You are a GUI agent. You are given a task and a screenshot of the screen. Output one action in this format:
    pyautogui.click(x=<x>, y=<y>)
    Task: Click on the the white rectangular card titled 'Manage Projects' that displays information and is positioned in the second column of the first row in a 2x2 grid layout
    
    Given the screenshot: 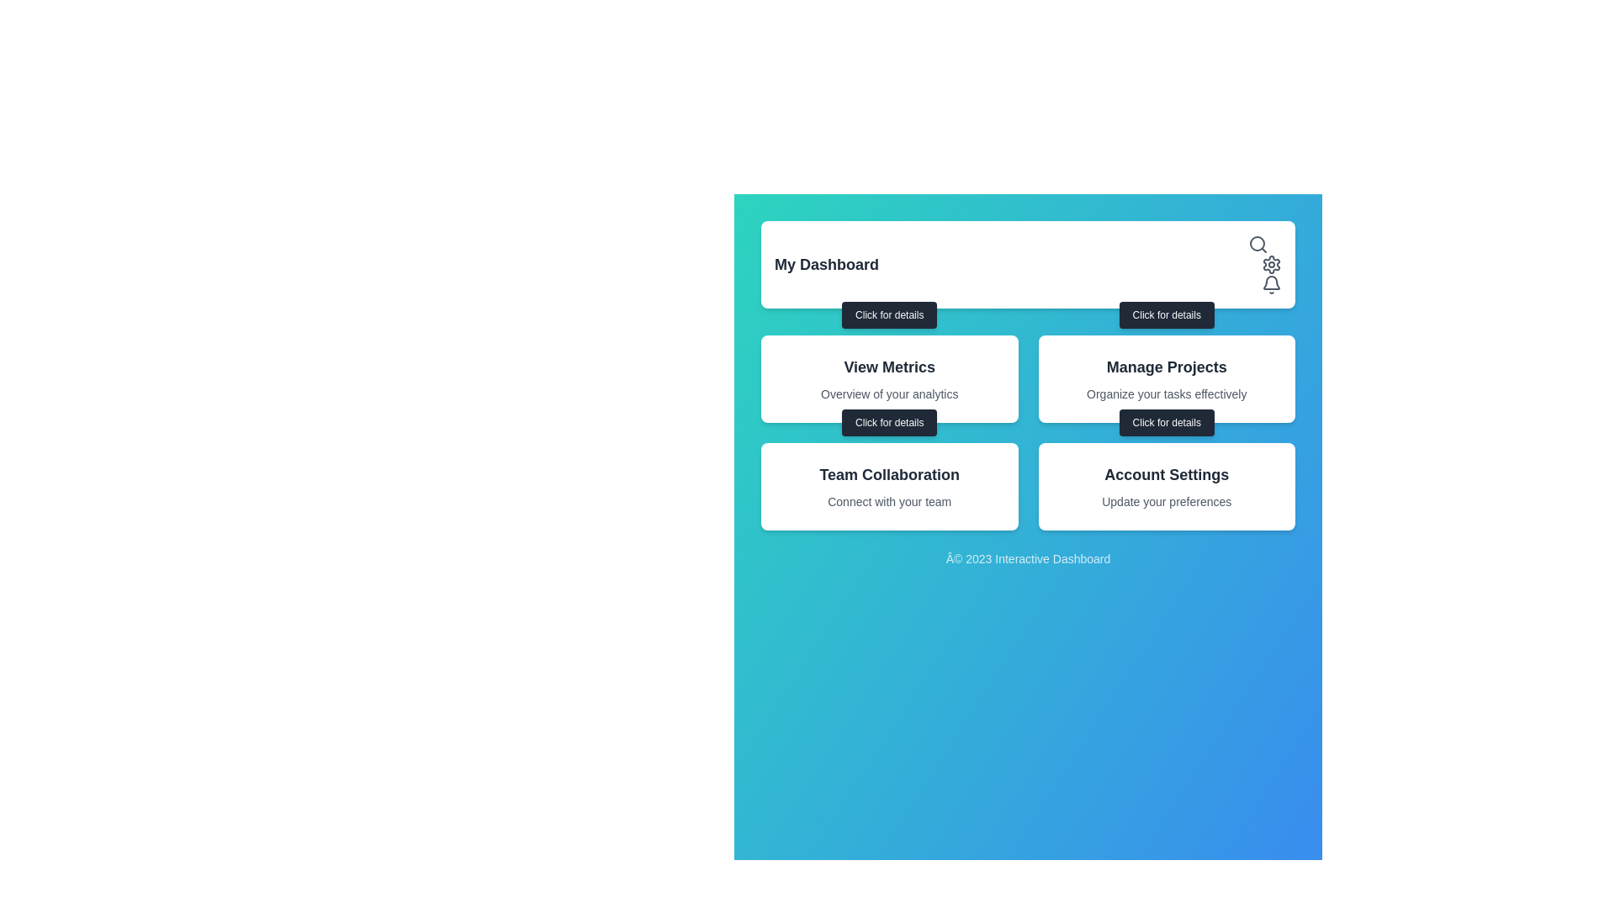 What is the action you would take?
    pyautogui.click(x=1166, y=379)
    